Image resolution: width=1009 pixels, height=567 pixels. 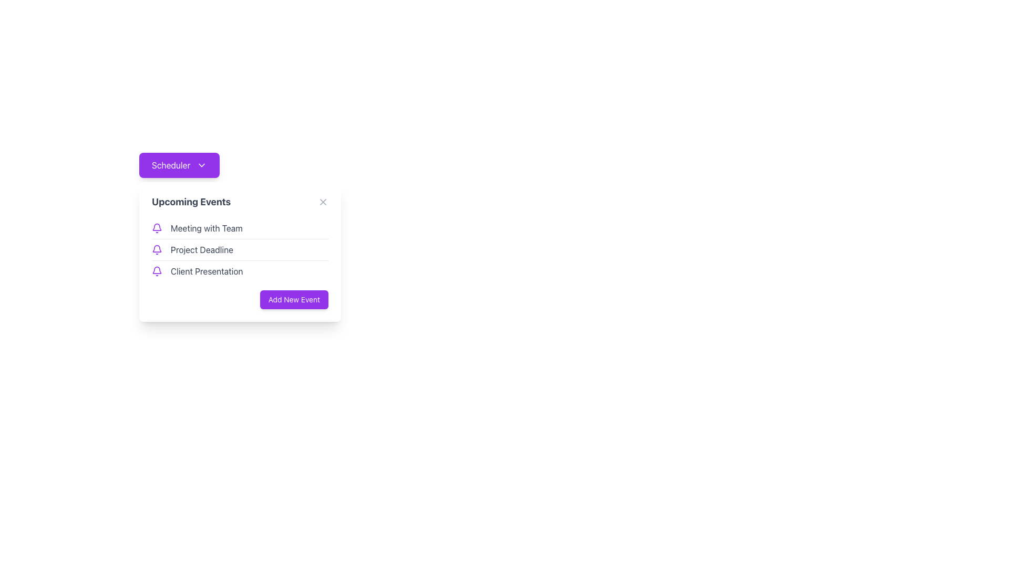 What do you see at coordinates (239, 165) in the screenshot?
I see `the dropdown menu located above the 'Upcoming Events' section` at bounding box center [239, 165].